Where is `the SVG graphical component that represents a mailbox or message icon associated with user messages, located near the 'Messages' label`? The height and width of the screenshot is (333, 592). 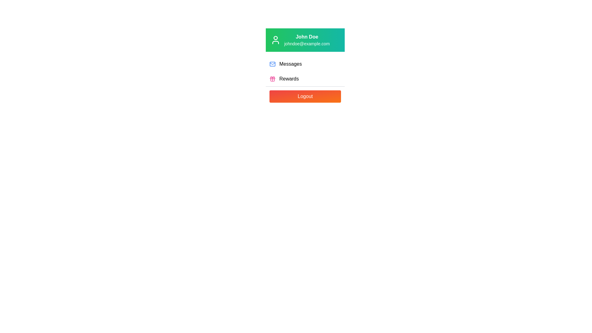
the SVG graphical component that represents a mailbox or message icon associated with user messages, located near the 'Messages' label is located at coordinates (272, 64).